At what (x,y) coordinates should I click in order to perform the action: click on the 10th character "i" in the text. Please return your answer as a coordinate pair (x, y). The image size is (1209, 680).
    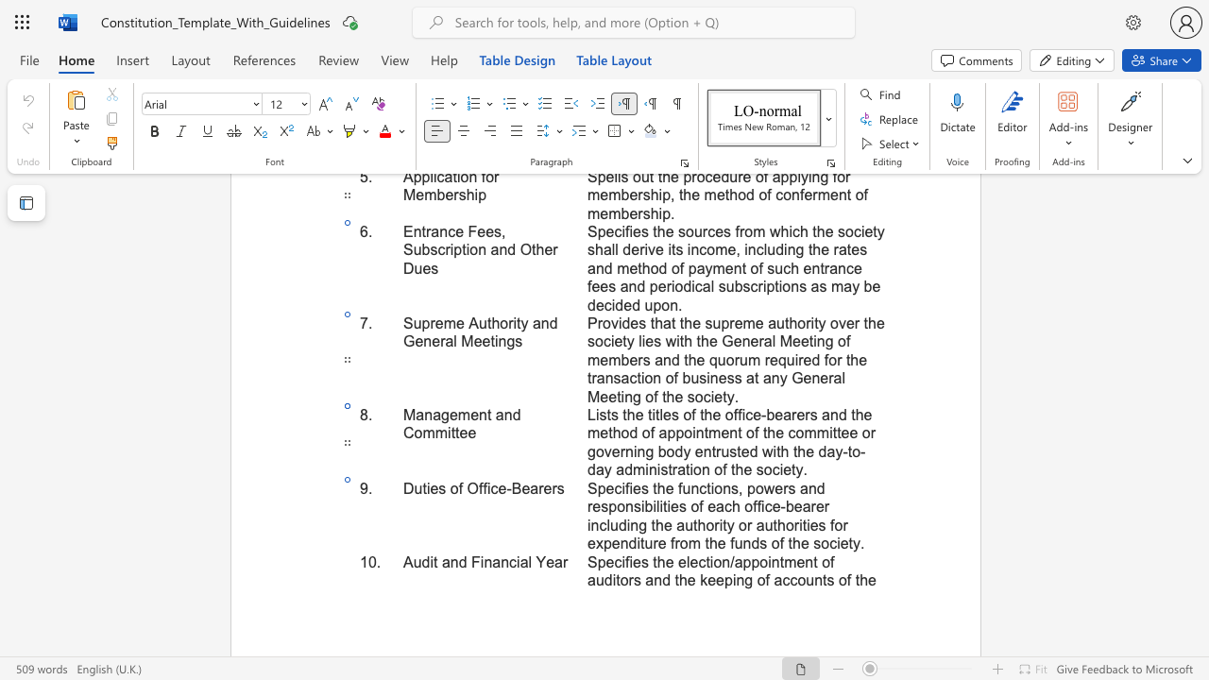
    Looking at the image, I should click on (690, 468).